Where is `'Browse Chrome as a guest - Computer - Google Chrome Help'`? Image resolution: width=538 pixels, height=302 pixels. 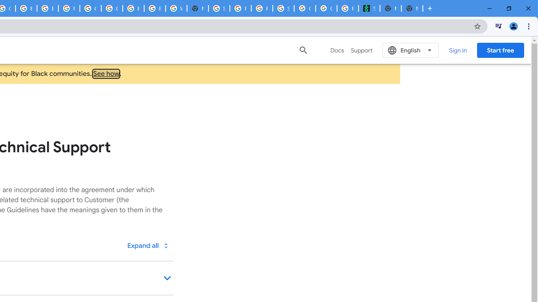
'Browse Chrome as a guest - Computer - Google Chrome Help' is located at coordinates (133, 8).